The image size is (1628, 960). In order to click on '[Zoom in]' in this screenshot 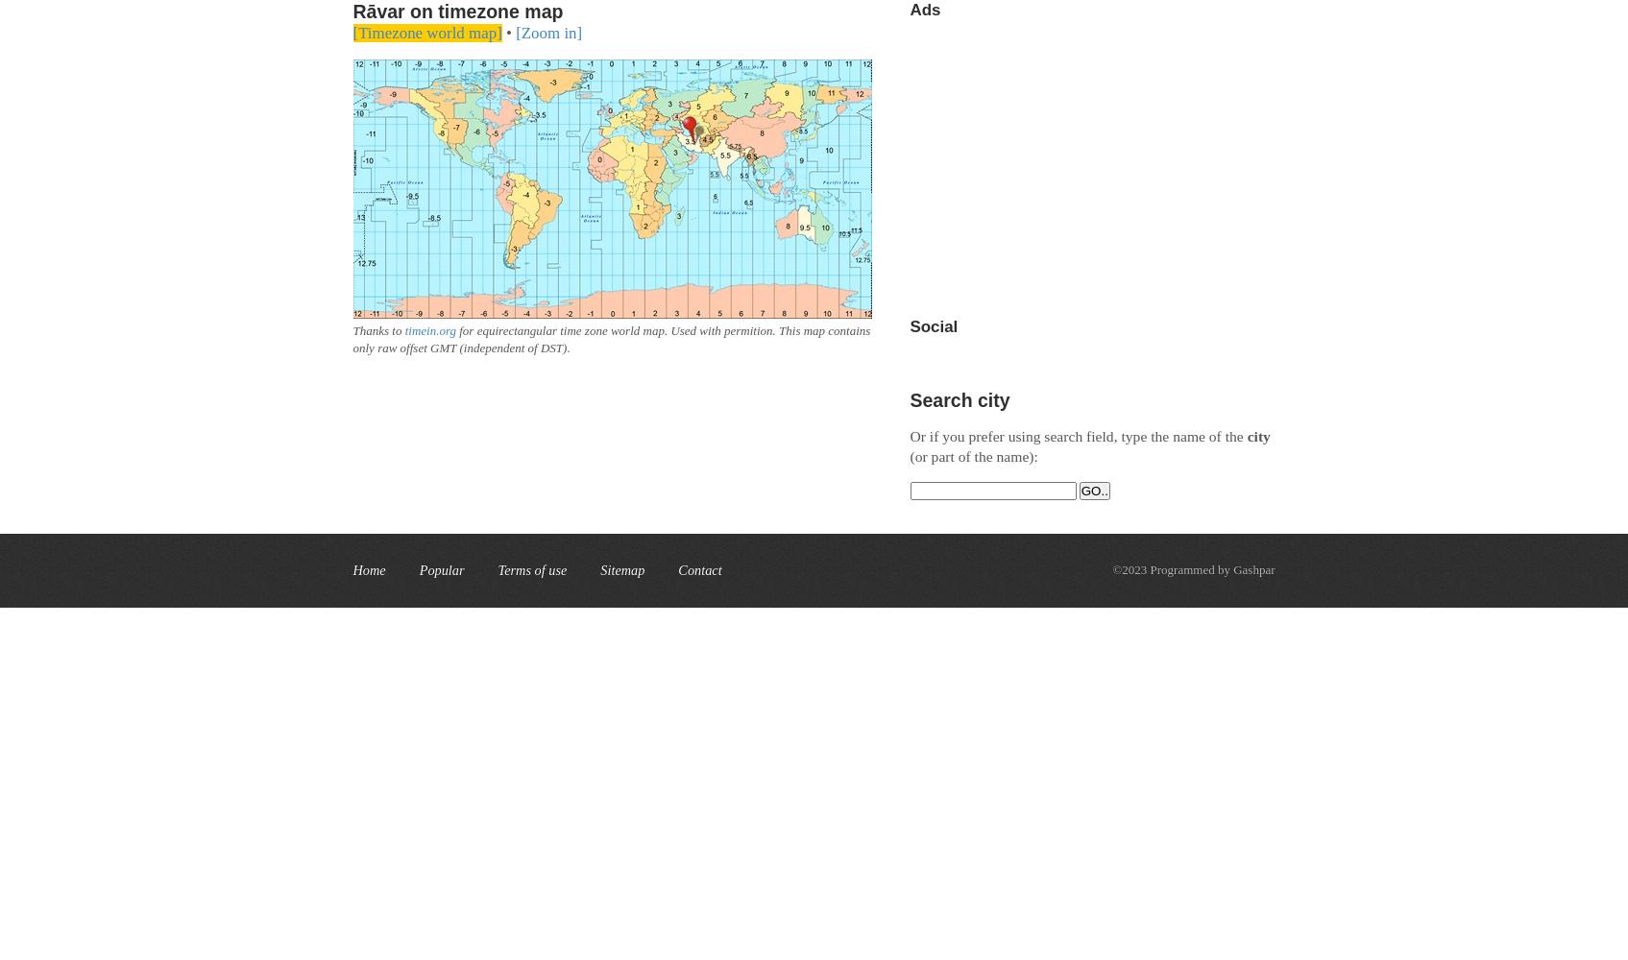, I will do `click(548, 33)`.